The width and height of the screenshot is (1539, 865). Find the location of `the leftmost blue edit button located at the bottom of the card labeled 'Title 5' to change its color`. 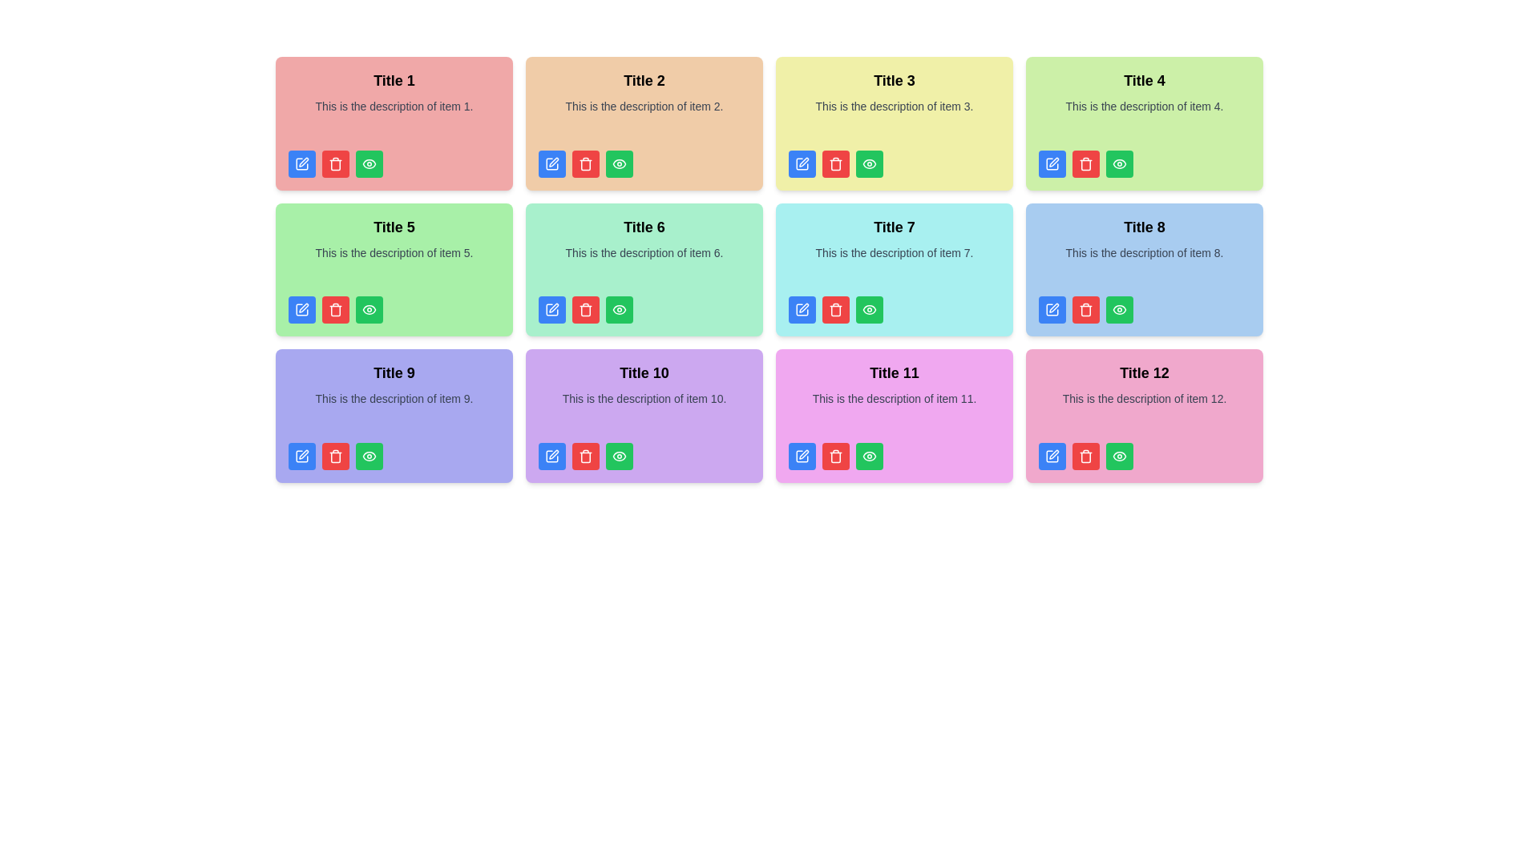

the leftmost blue edit button located at the bottom of the card labeled 'Title 5' to change its color is located at coordinates (302, 309).